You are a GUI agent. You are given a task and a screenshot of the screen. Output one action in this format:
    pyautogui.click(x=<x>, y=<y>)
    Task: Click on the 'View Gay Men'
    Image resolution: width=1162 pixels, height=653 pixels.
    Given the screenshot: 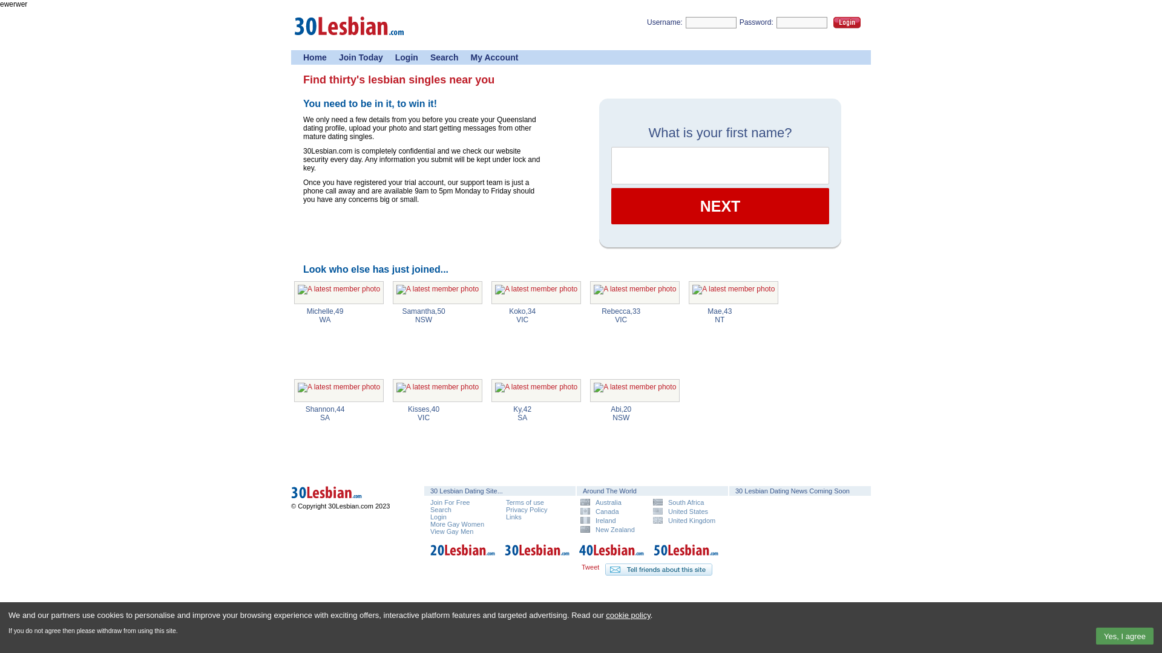 What is the action you would take?
    pyautogui.click(x=451, y=531)
    